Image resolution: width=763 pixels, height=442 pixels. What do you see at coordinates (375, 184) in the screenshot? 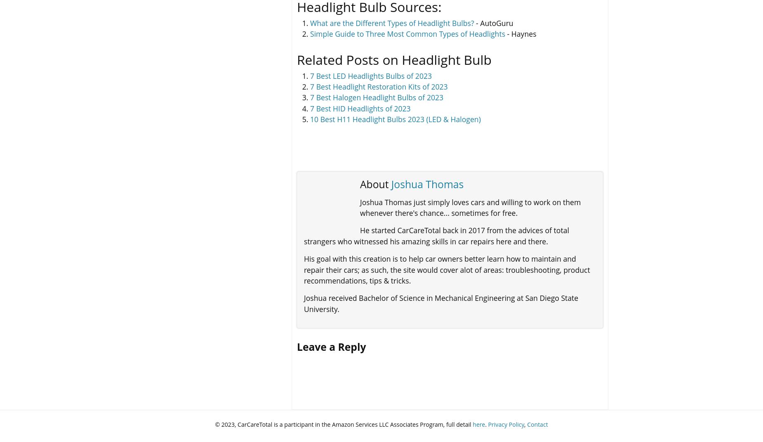
I see `'About'` at bounding box center [375, 184].